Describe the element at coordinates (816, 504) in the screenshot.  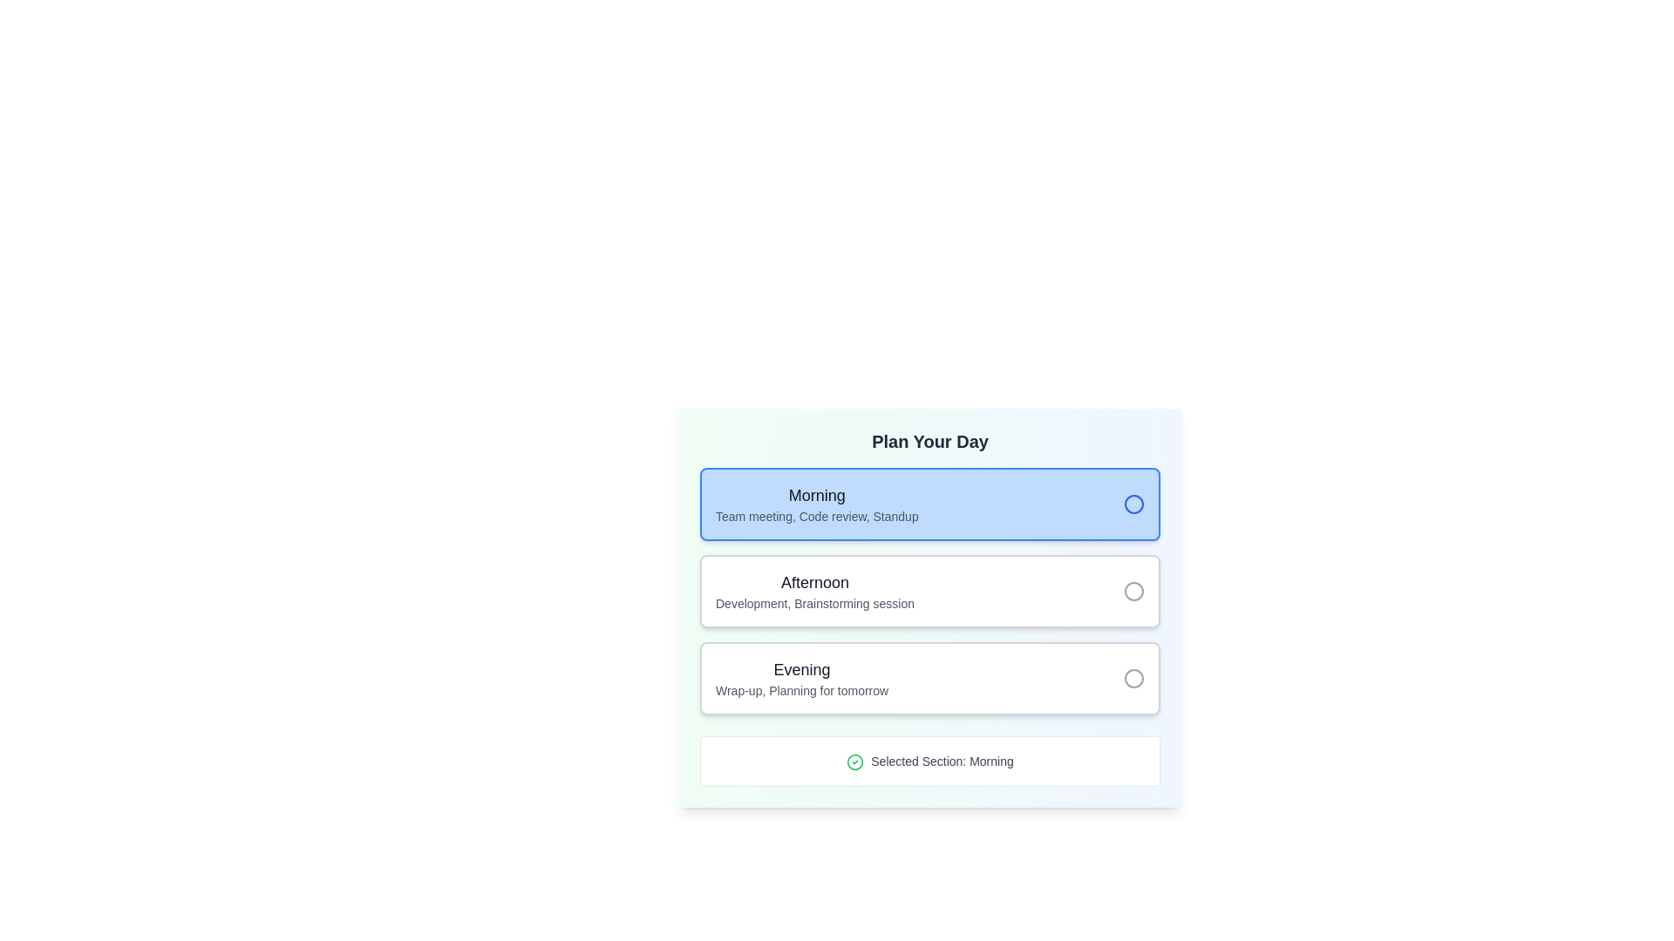
I see `the Text Description Block displaying 'Morning' and the details 'Team meeting, Code review, Standup' within the blue rectangular box under 'Plan Your Day'` at that location.